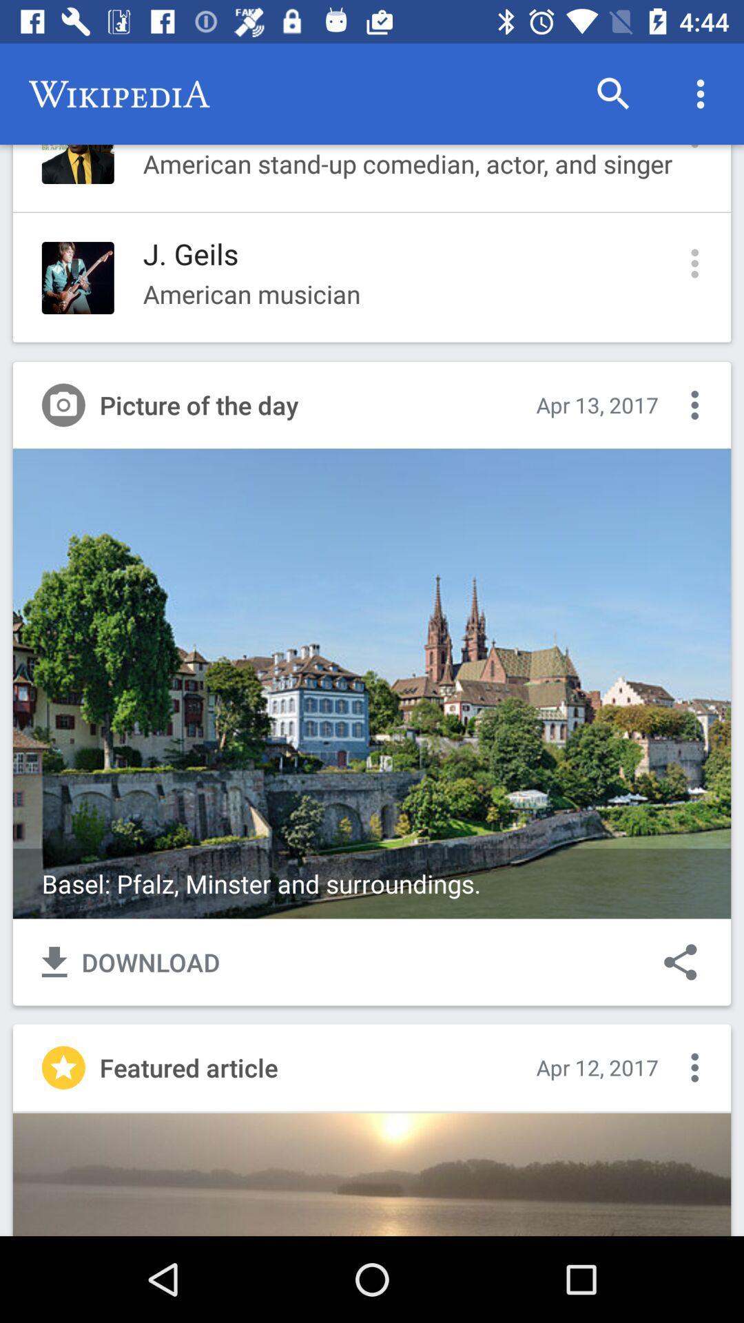 This screenshot has height=1323, width=744. Describe the element at coordinates (118, 94) in the screenshot. I see `wikipedia` at that location.